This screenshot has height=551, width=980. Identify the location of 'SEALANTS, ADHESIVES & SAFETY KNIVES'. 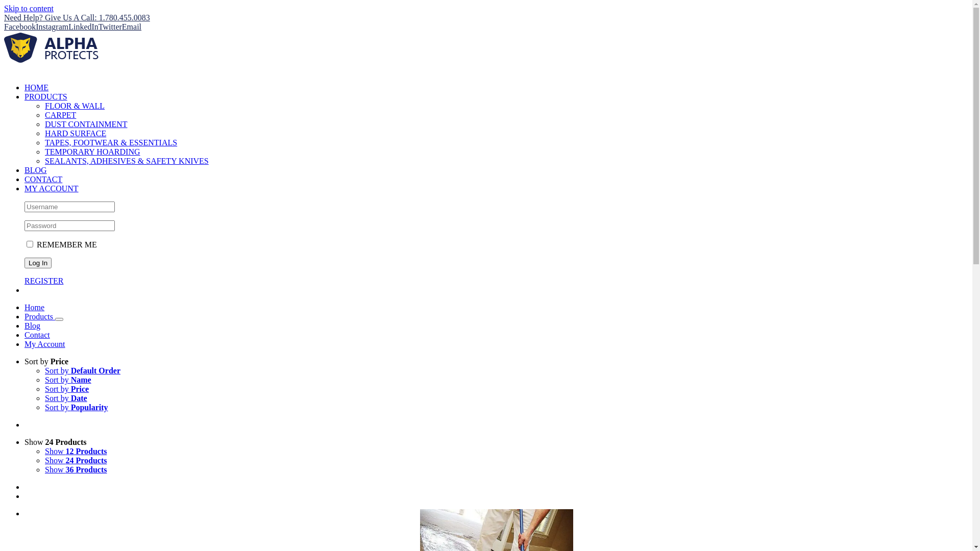
(126, 161).